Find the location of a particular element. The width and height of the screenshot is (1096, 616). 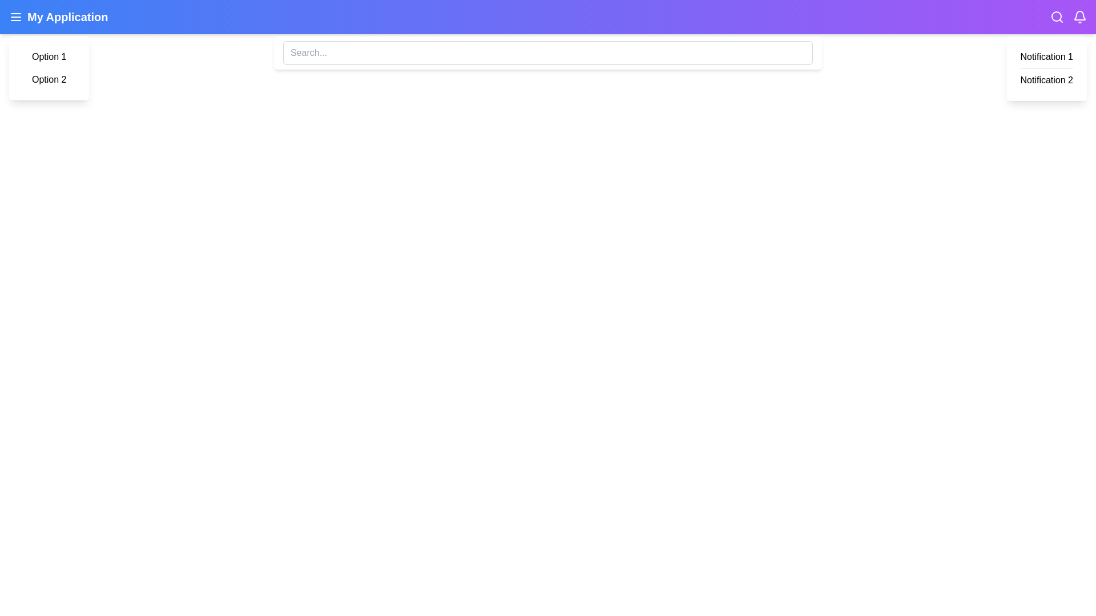

the static text label displaying 'My Application' in bold white font with a blue background, located in the top navigation bar adjacent to the menu icon is located at coordinates (58, 17).